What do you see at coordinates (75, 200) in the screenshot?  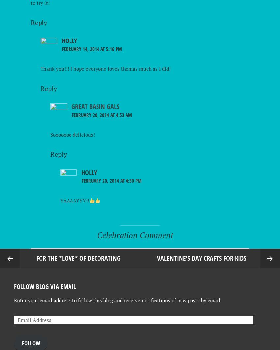 I see `'YAAAAYYY!!'` at bounding box center [75, 200].